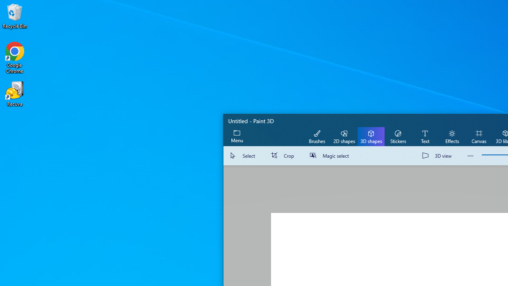 This screenshot has height=286, width=508. I want to click on '3D shapes', so click(371, 136).